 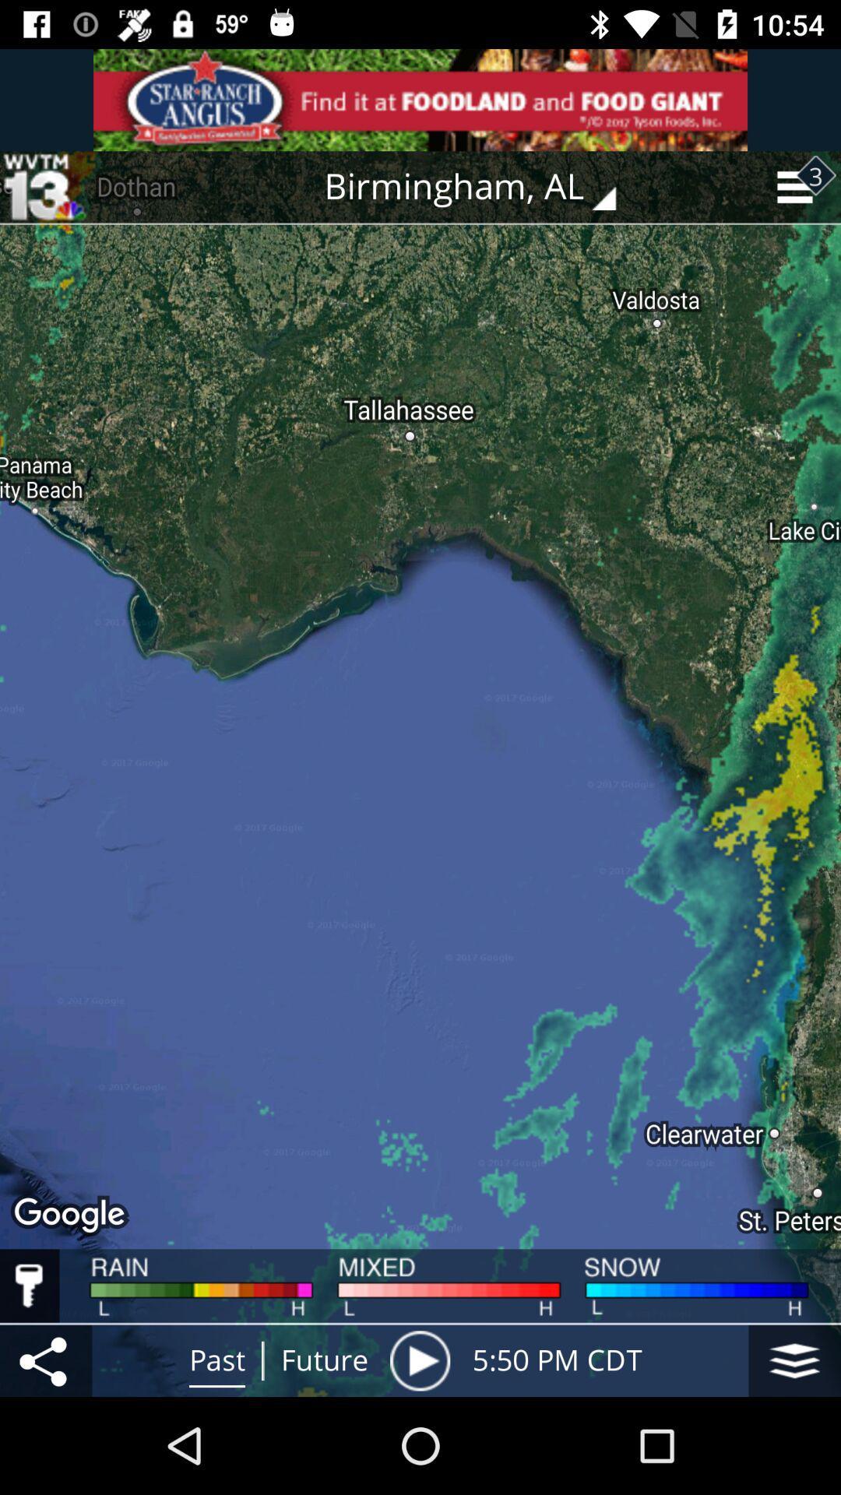 What do you see at coordinates (794, 1360) in the screenshot?
I see `switch map type option` at bounding box center [794, 1360].